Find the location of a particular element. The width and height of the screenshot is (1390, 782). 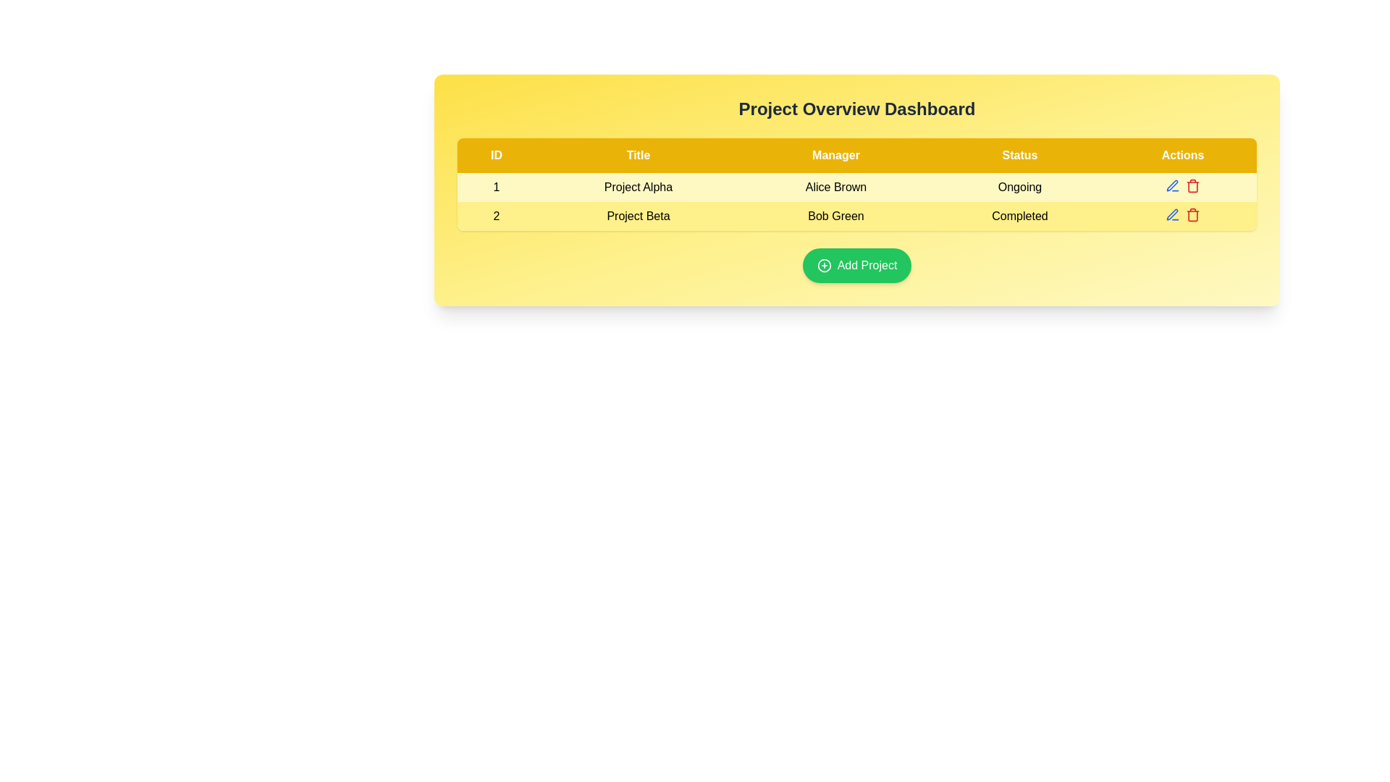

the first table row with a yellow background that contains four text columns and two action icons is located at coordinates (857, 186).